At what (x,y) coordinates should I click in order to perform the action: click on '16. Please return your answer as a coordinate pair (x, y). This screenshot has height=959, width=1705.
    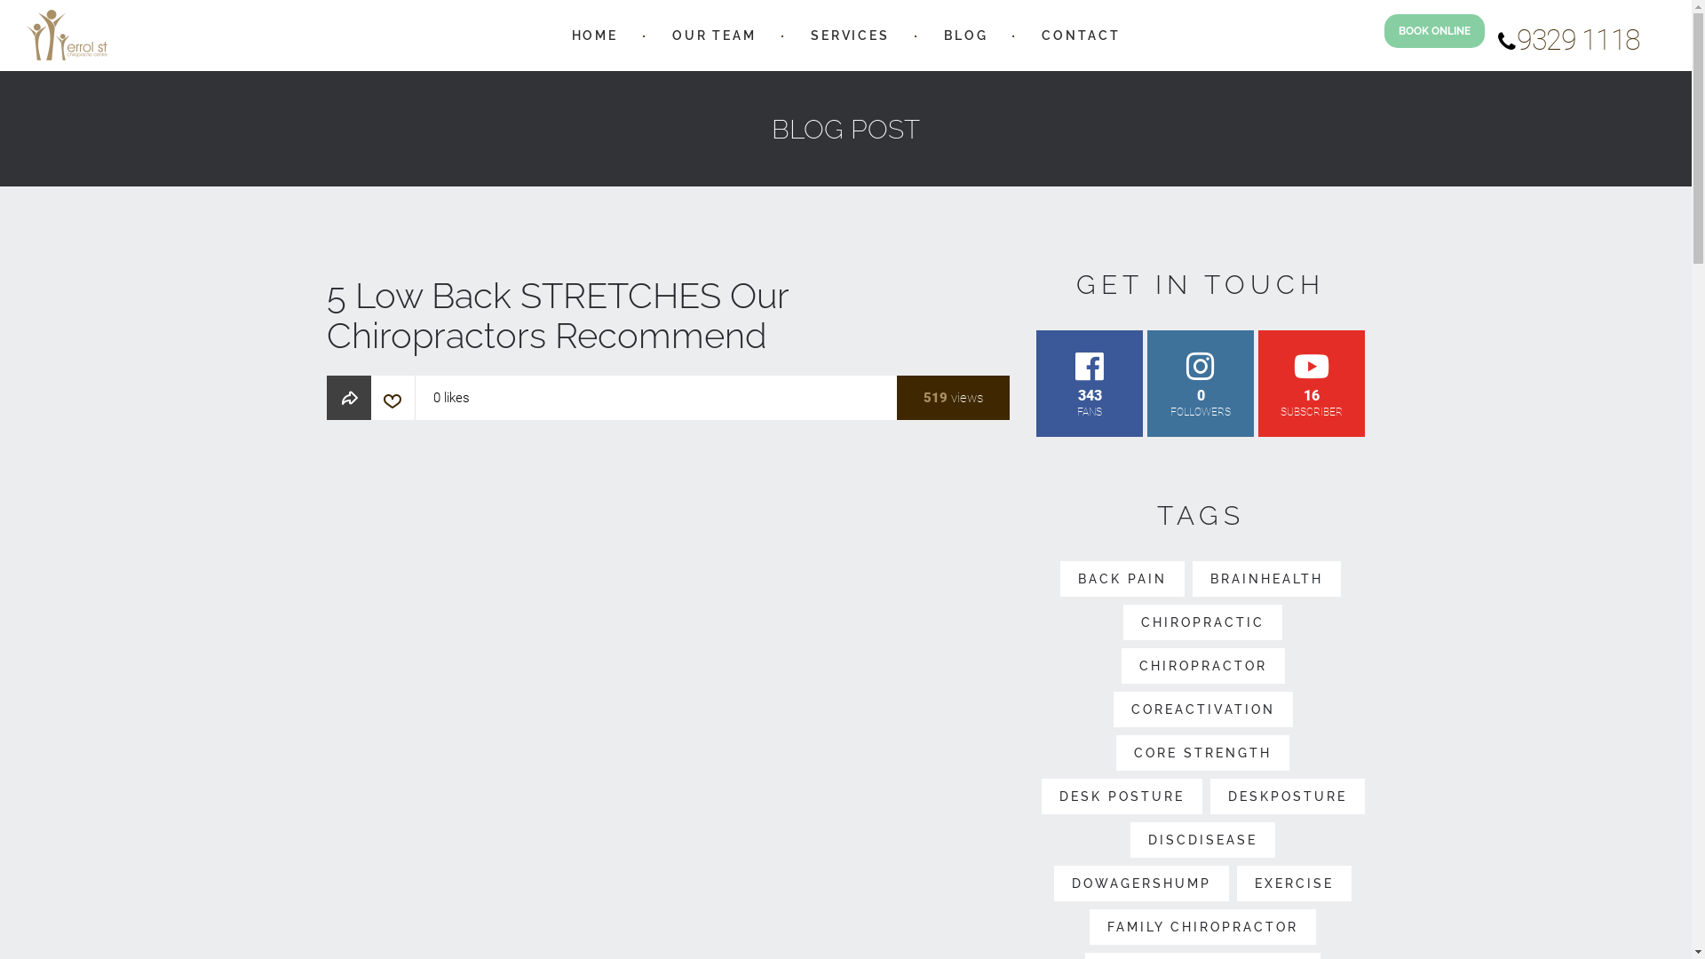
    Looking at the image, I should click on (1312, 383).